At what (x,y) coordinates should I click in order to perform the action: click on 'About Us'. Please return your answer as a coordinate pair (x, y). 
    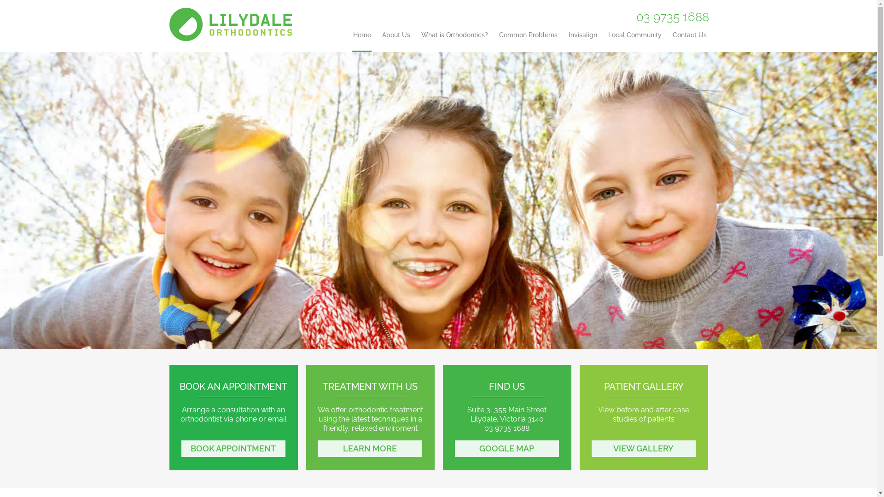
    Looking at the image, I should click on (396, 41).